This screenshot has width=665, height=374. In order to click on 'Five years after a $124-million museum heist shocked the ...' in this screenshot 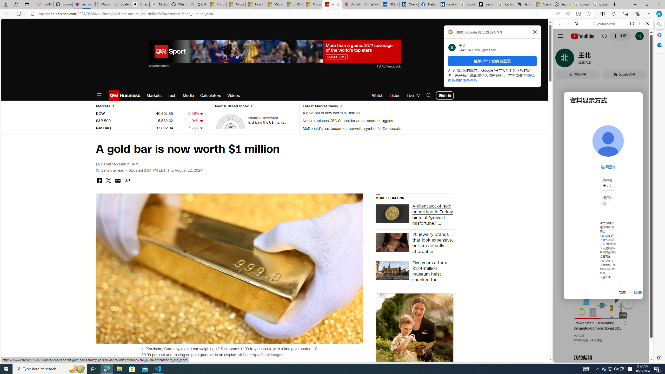, I will do `click(431, 271)`.